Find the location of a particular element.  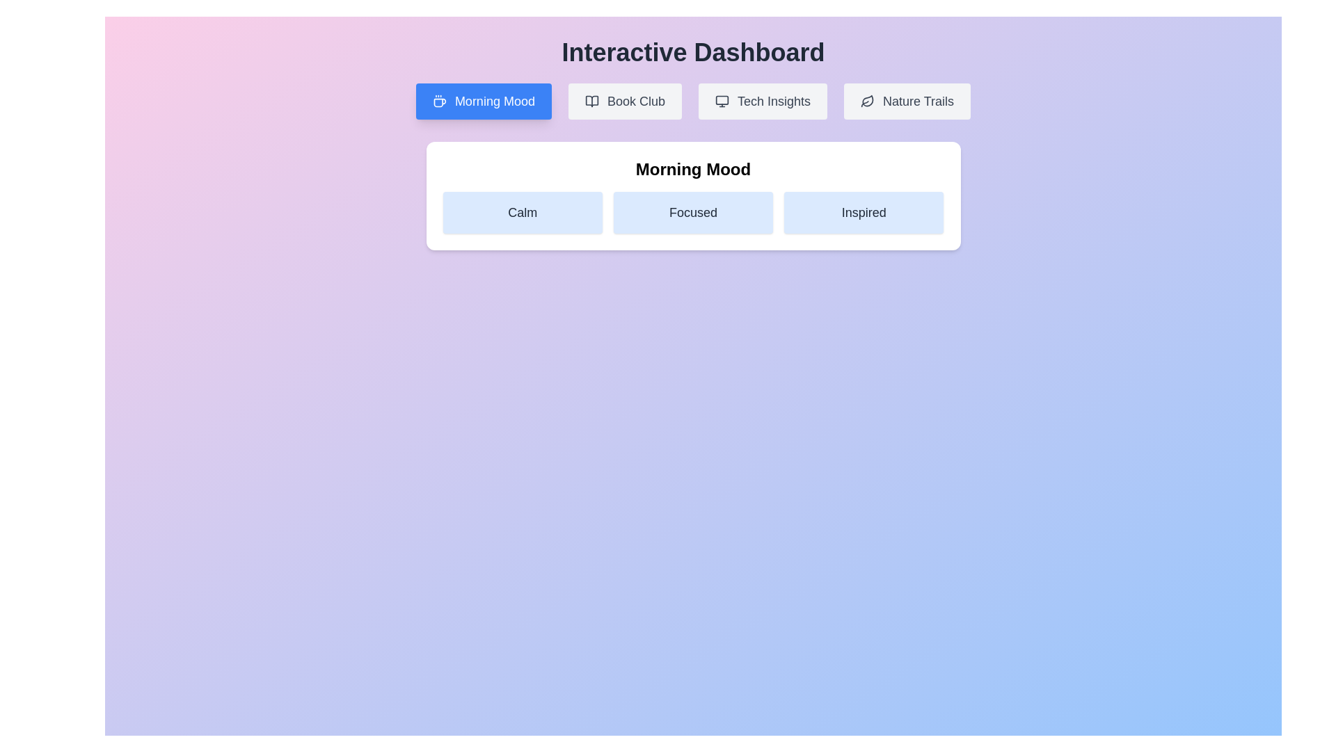

the 'Nature Trails' button, which is a rectangular interactive button with a subtle gray background and a leaf icon, located in the Interactive Dashboard interface is located at coordinates (907, 101).